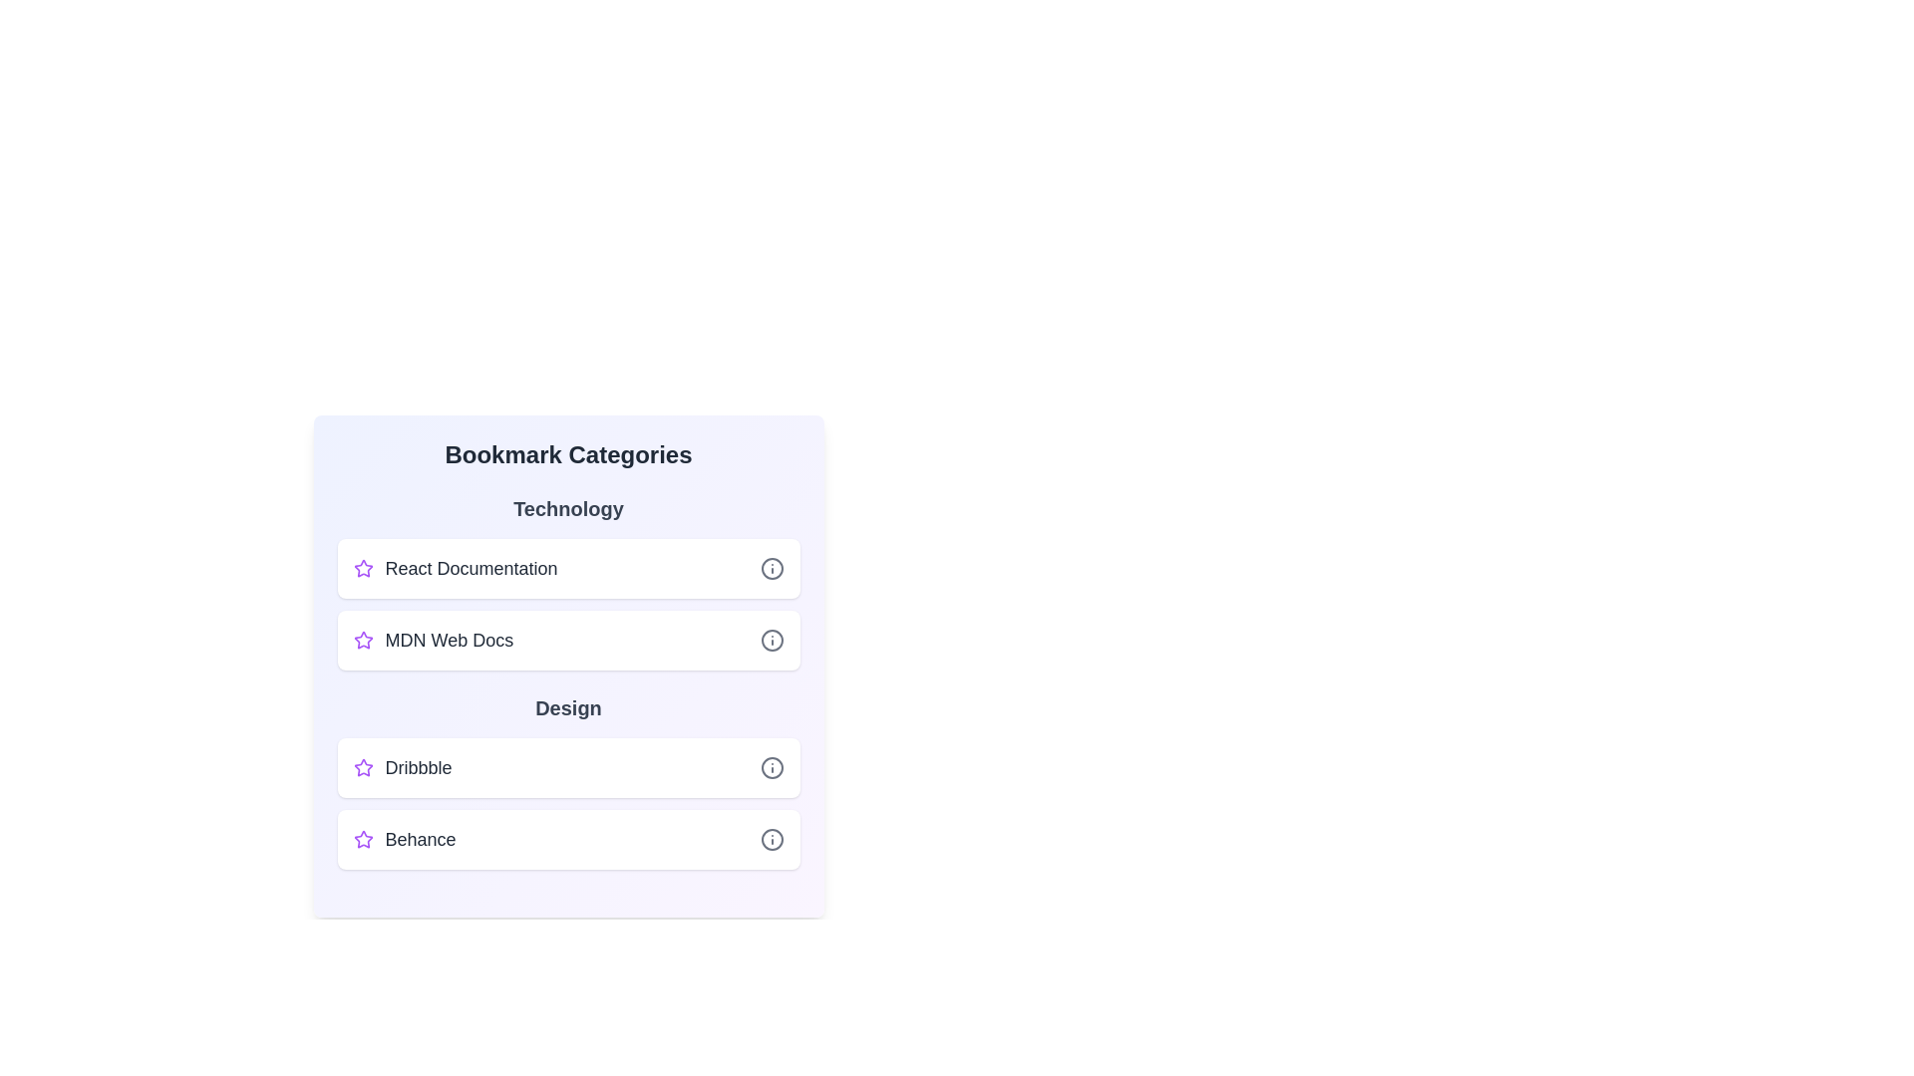 The height and width of the screenshot is (1076, 1914). I want to click on information icon next to the bookmark titled MDN Web Docs, so click(771, 641).